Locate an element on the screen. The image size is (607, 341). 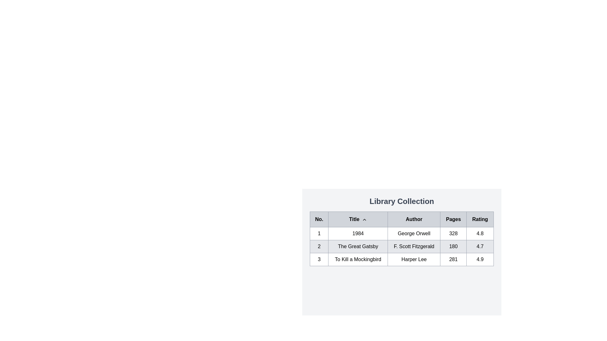
the Icon button located next to the 'Title' column label in the header row of the table, which allows users to sort the entries in ascending order is located at coordinates (364, 219).